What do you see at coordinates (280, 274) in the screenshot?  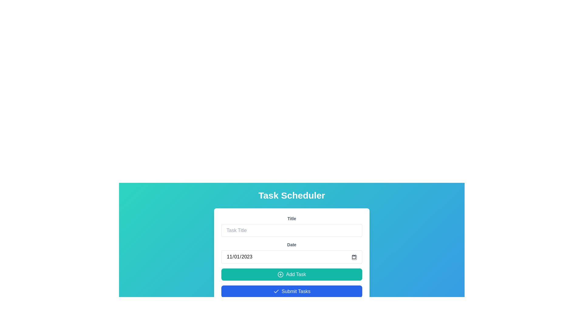 I see `the decorative icon within the 'Add Task' button, which visually indicates its function of adding a new task, located to the left of the button's text` at bounding box center [280, 274].